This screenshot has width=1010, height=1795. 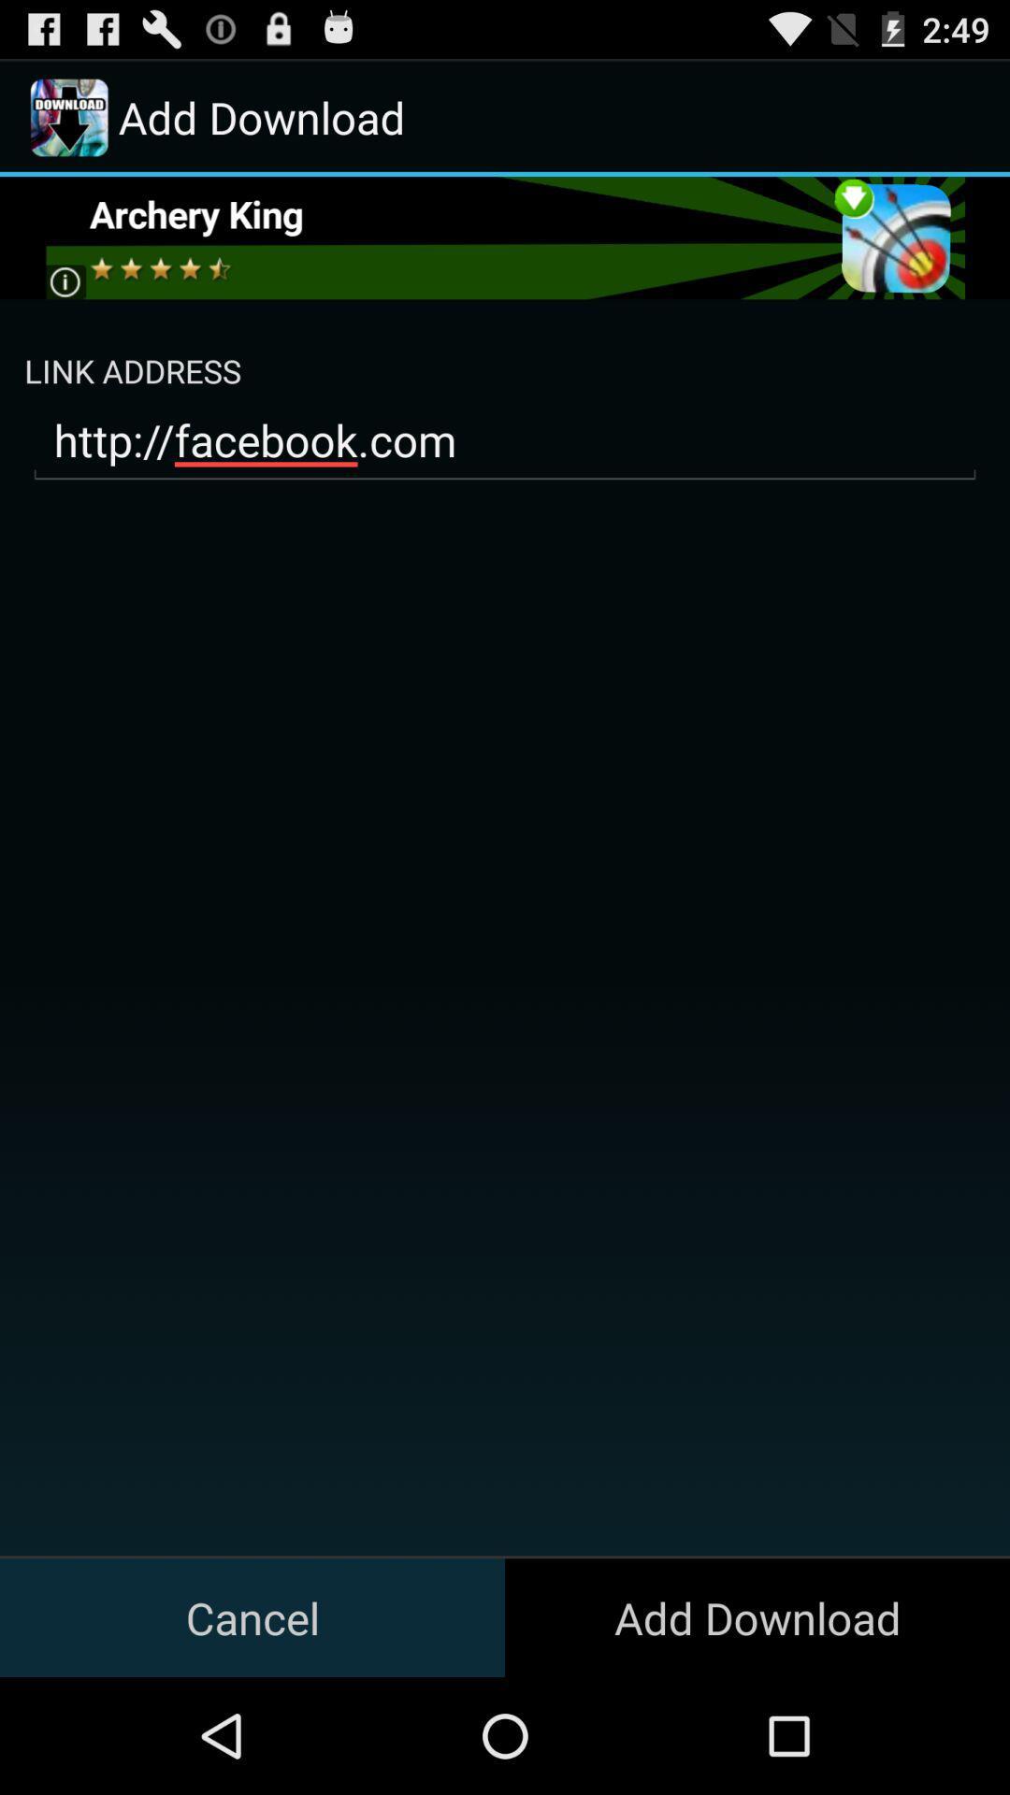 I want to click on advertisement, so click(x=503, y=237).